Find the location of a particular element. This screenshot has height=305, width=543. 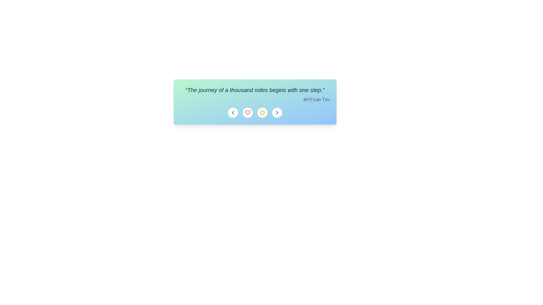

the heart icon button located in the center portion of the navigation bar beneath the quote text to change its background color is located at coordinates (247, 112).